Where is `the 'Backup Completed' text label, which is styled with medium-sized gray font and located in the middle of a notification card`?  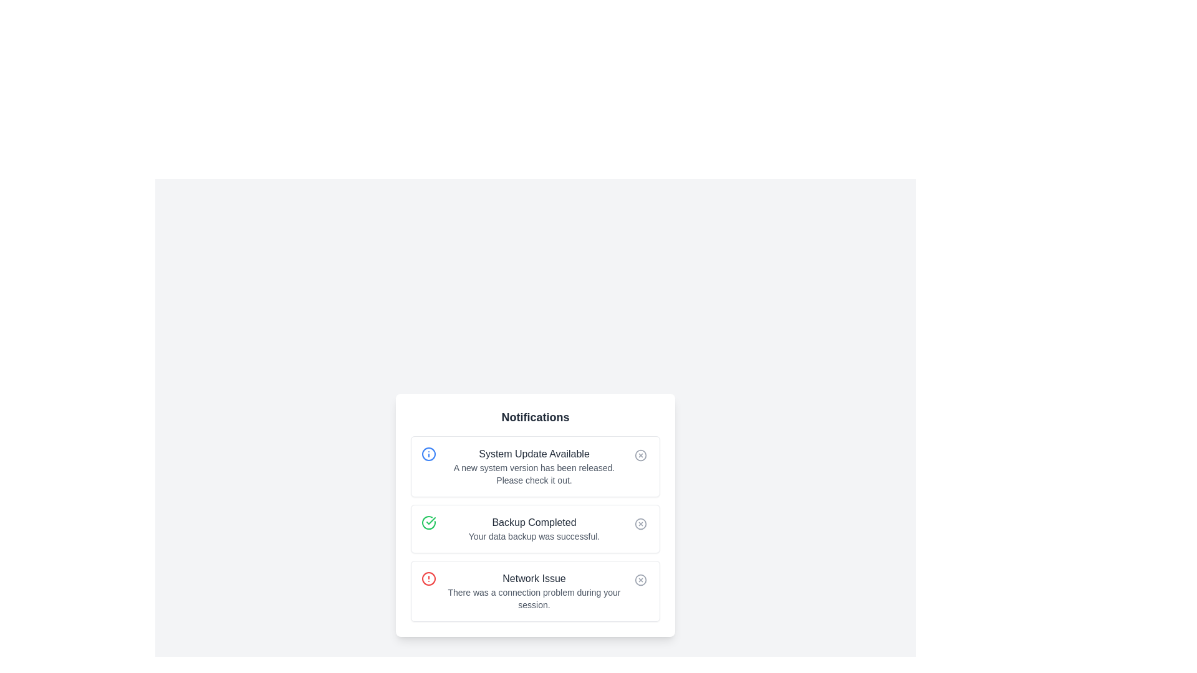
the 'Backup Completed' text label, which is styled with medium-sized gray font and located in the middle of a notification card is located at coordinates (534, 523).